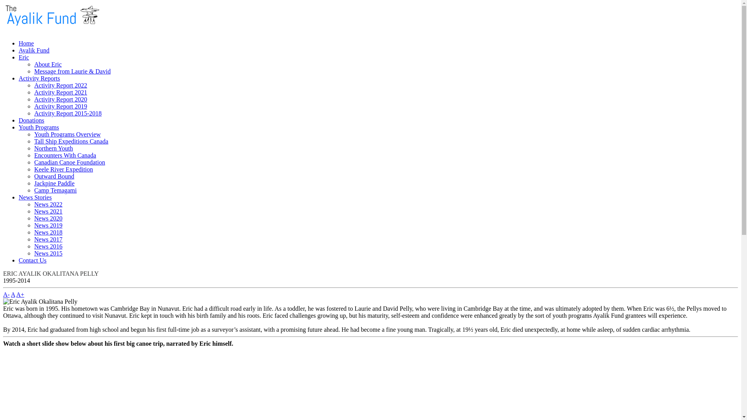 The width and height of the screenshot is (747, 420). What do you see at coordinates (39, 127) in the screenshot?
I see `'Youth Programs'` at bounding box center [39, 127].